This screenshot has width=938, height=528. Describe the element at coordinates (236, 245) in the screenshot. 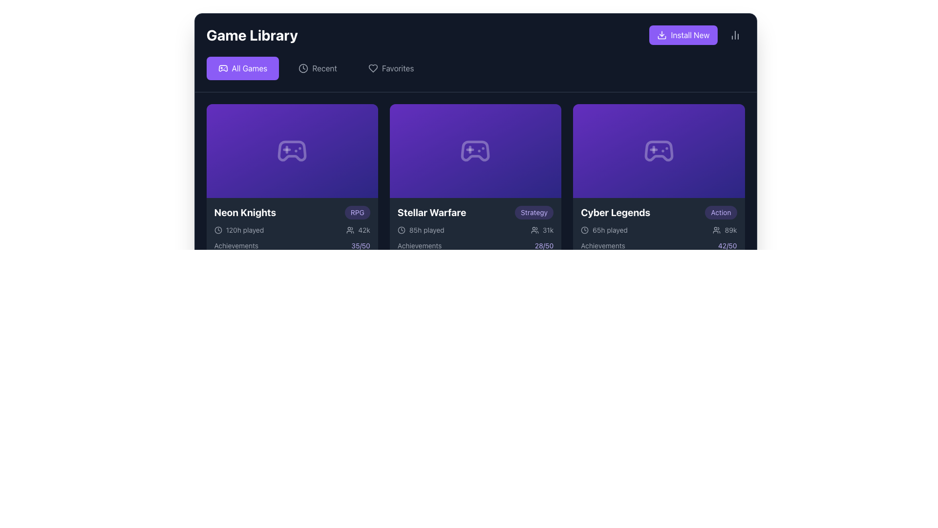

I see `the text label indicating the context or category of the adjacent value for the game's achievements or progress, located in the bottom-left portion of the Neon Knights card` at that location.